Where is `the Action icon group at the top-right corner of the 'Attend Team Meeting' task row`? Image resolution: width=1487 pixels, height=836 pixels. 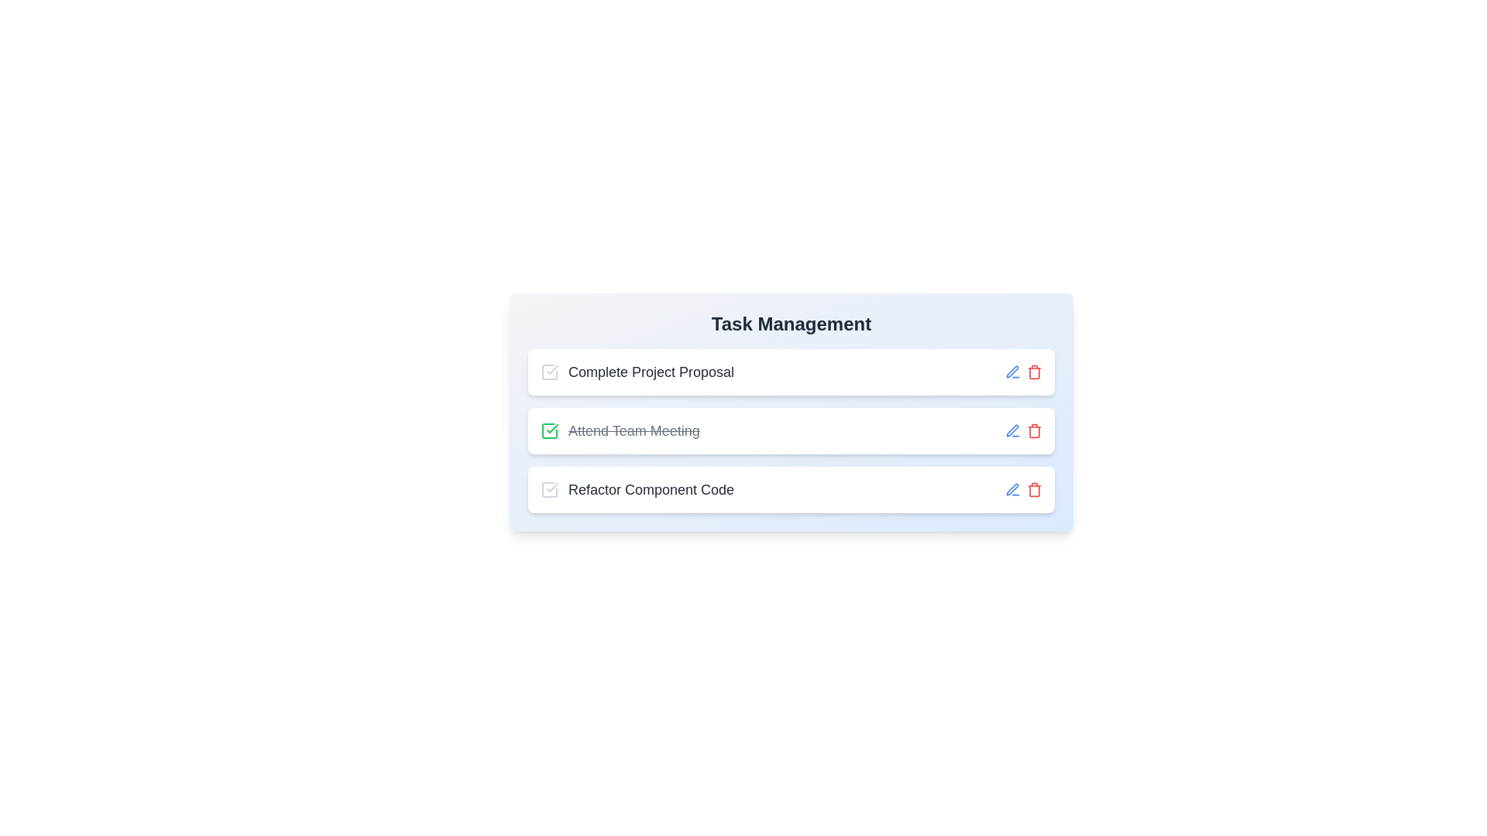 the Action icon group at the top-right corner of the 'Attend Team Meeting' task row is located at coordinates (1023, 430).